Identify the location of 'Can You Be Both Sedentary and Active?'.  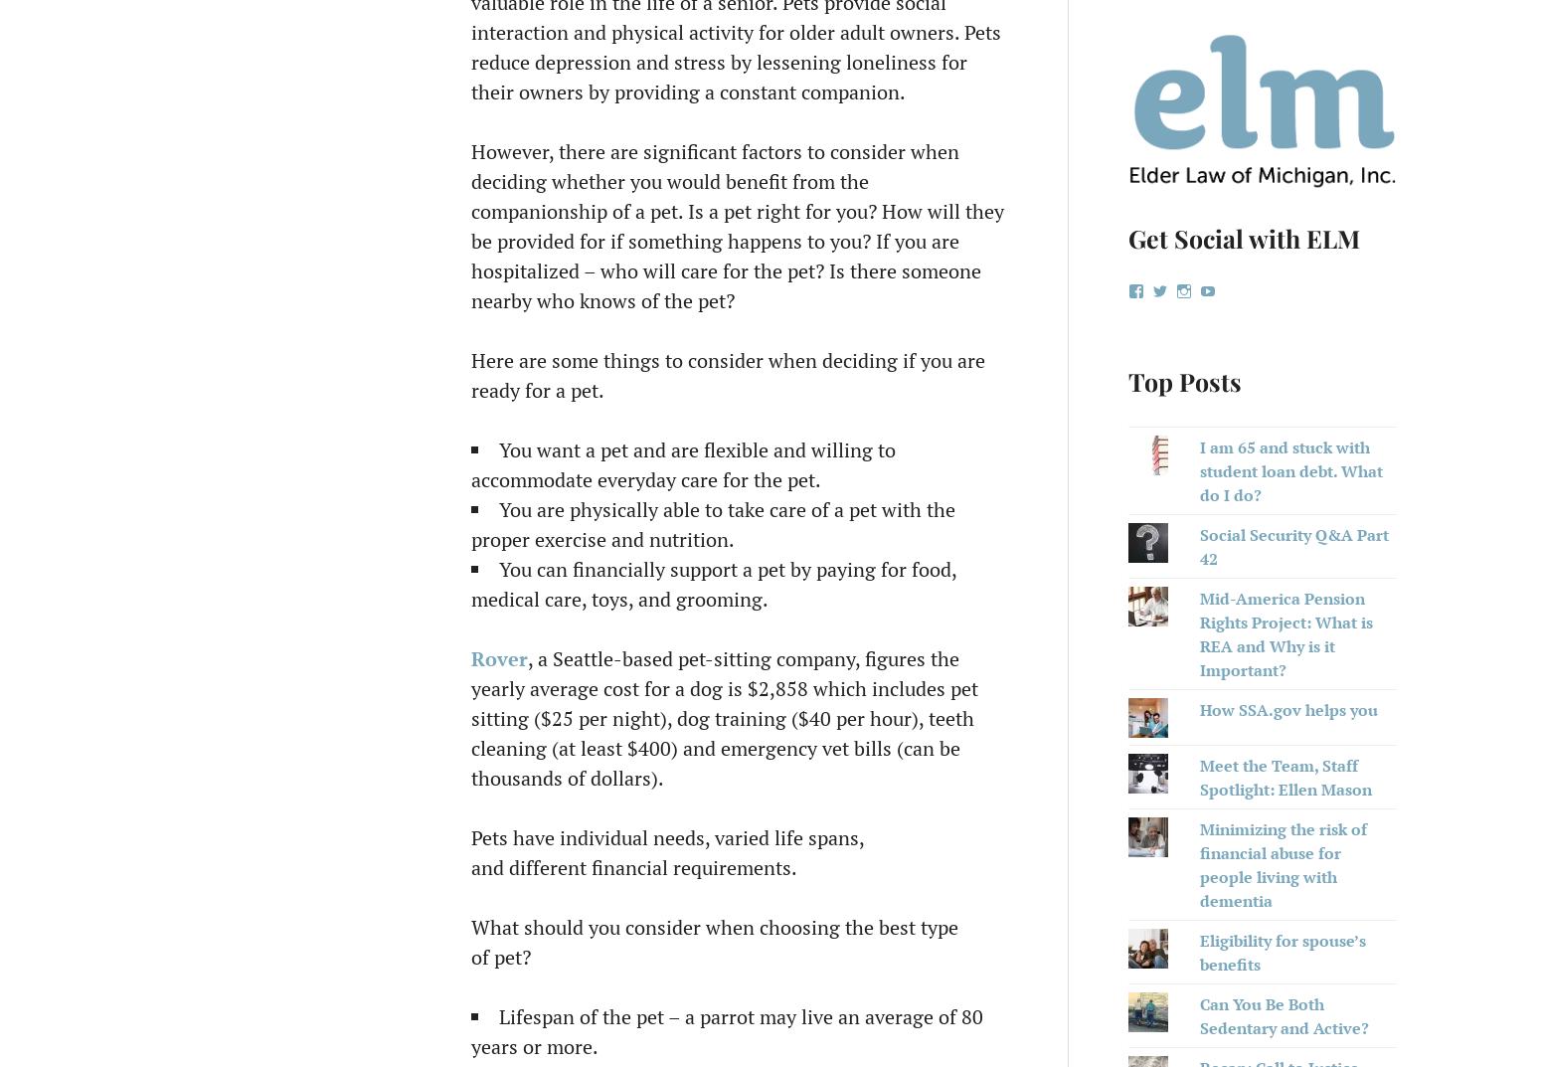
(1282, 1014).